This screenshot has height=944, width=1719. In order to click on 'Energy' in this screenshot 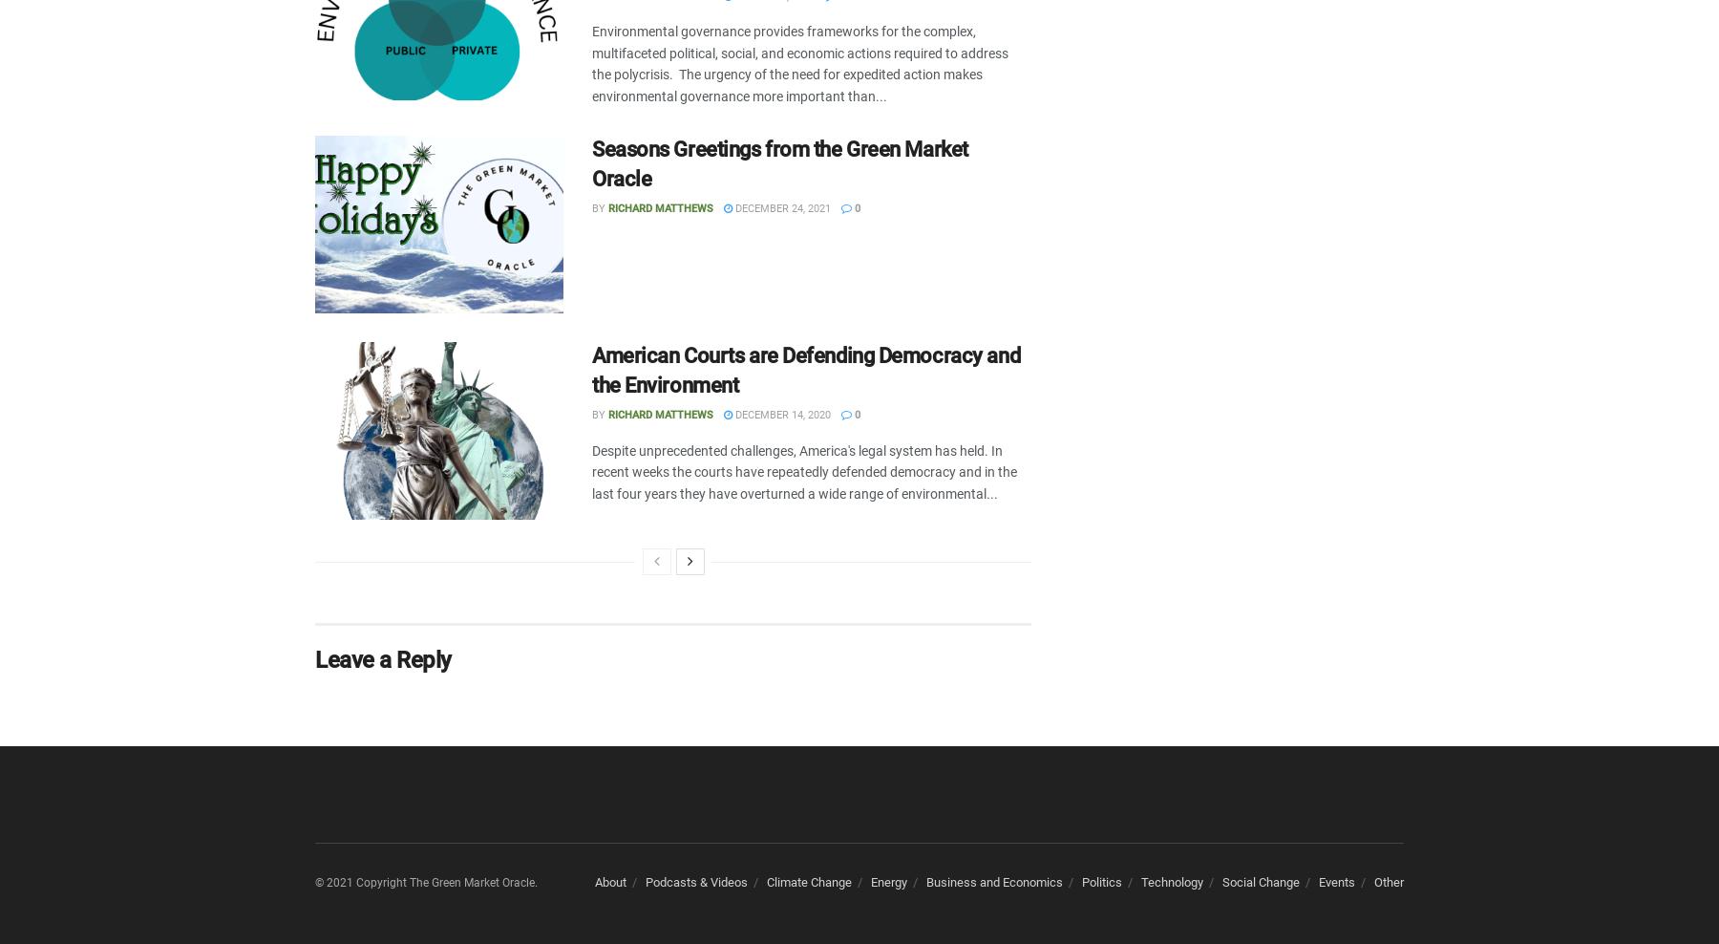, I will do `click(870, 880)`.